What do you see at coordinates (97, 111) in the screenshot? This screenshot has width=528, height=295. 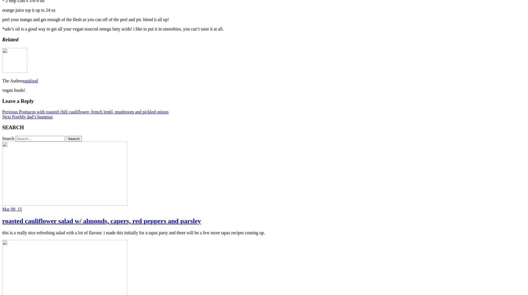 I see `'tacos with roasted chili cauliflower, french lentil, mushroom and pickled onions'` at bounding box center [97, 111].